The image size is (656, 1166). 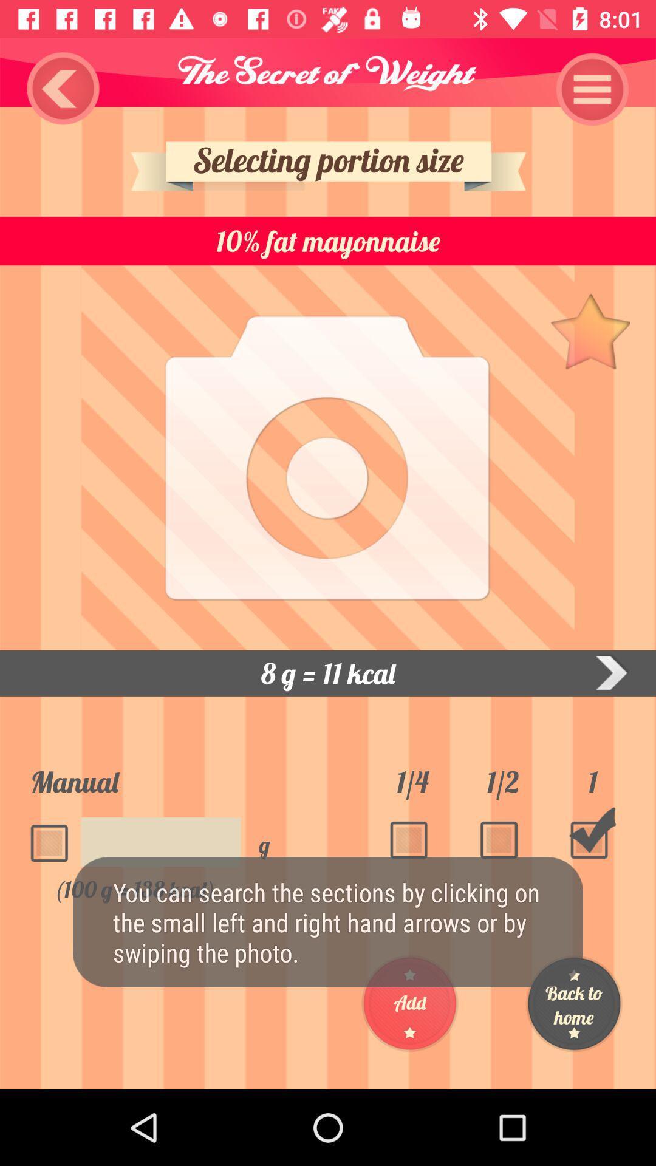 What do you see at coordinates (328, 72) in the screenshot?
I see `move to text which is above the selecting portion size` at bounding box center [328, 72].